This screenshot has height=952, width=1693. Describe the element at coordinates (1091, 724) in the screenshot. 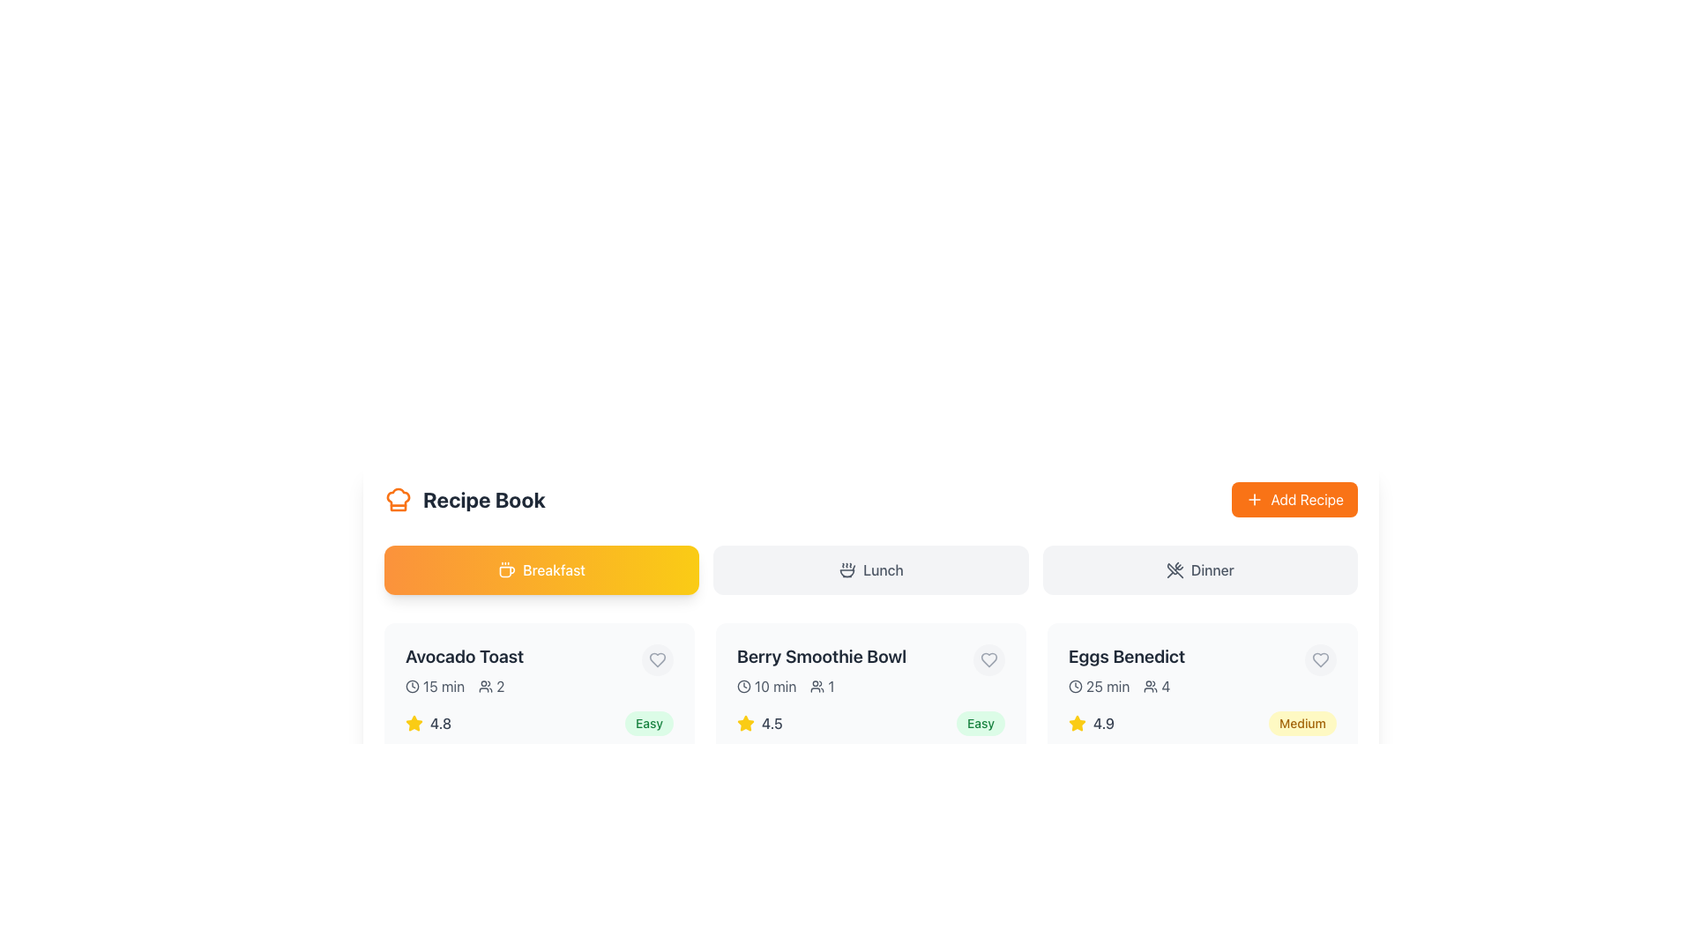

I see `the rating display element showing a yellow star icon and the numeric value '4.9' for 'Eggs Benedict' in the third card` at that location.